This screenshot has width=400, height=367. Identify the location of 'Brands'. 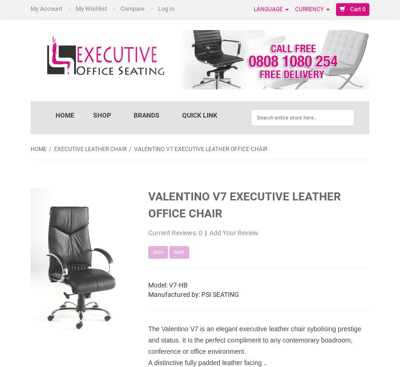
(146, 115).